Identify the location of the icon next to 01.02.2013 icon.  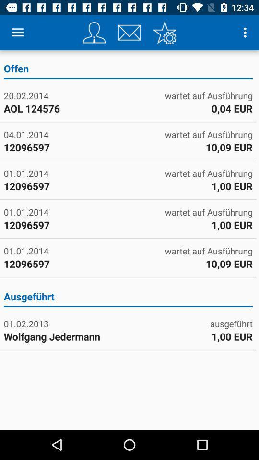
(231, 323).